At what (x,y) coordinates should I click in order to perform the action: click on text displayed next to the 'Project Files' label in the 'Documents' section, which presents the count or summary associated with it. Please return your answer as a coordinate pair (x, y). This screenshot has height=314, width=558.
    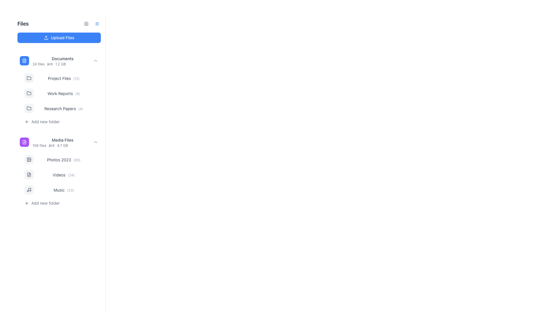
    Looking at the image, I should click on (76, 78).